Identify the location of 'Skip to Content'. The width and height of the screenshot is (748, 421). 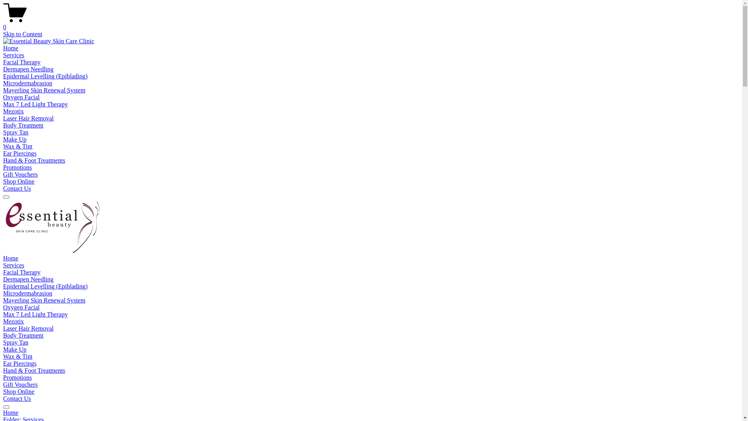
(22, 34).